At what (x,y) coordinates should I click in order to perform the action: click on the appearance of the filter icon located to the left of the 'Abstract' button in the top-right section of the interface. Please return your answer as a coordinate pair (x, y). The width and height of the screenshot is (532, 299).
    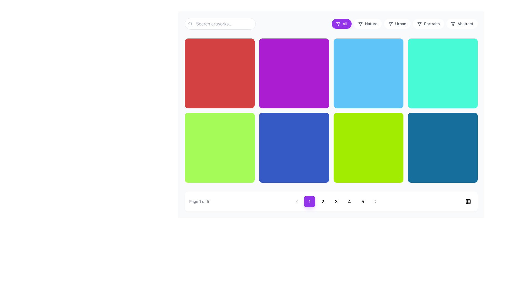
    Looking at the image, I should click on (453, 24).